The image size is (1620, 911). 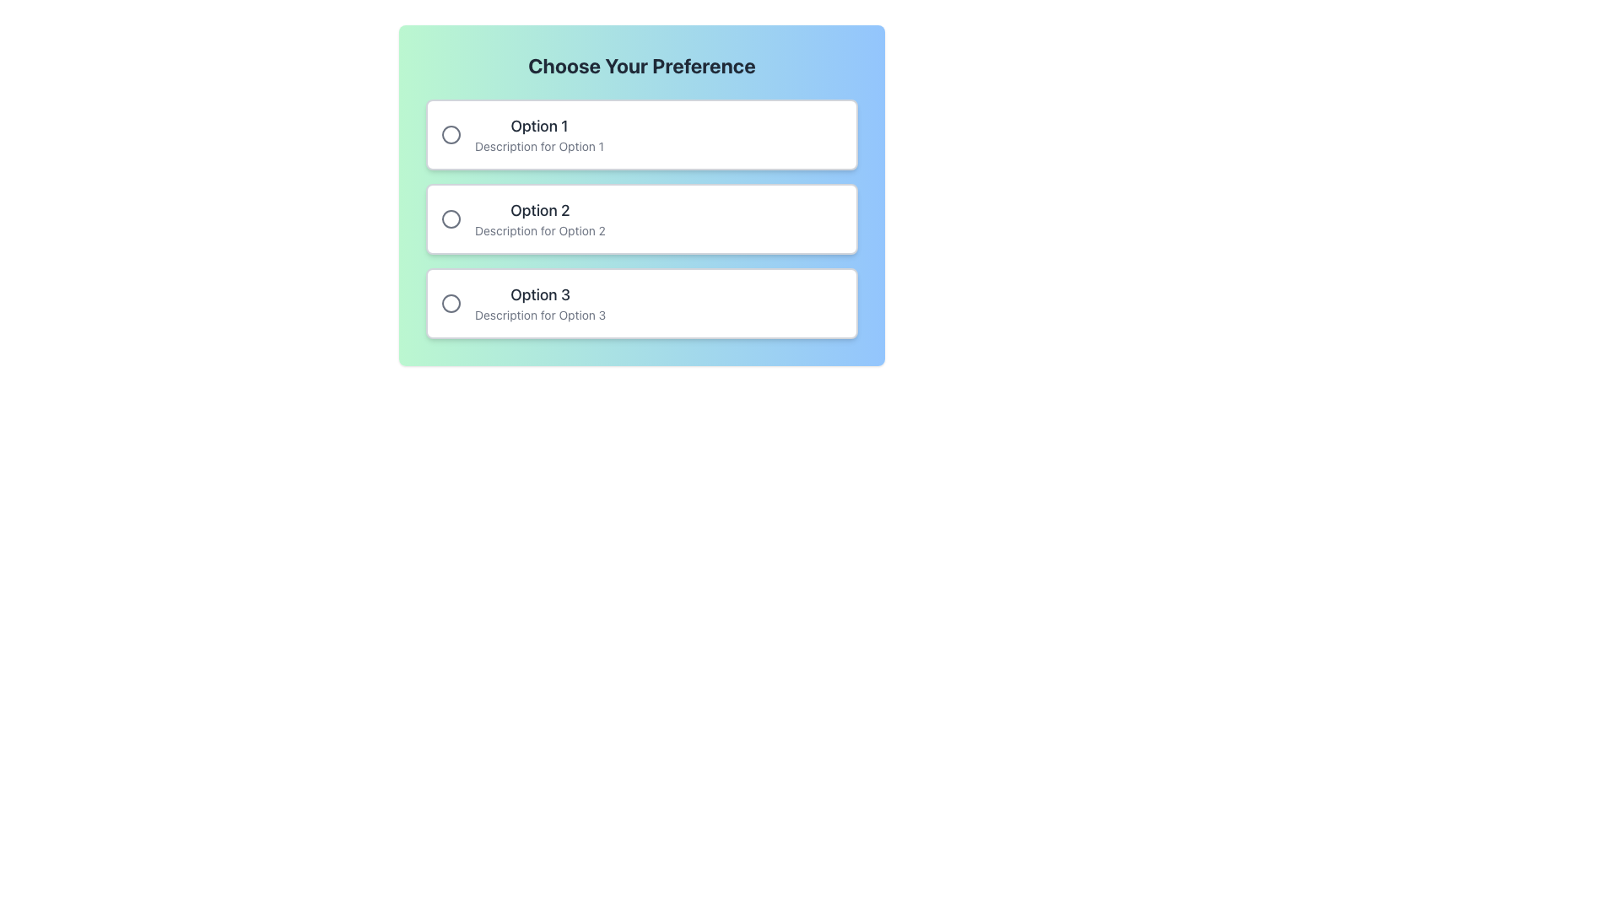 I want to click on the circular icon located within the second option of the 'Choose Your Preference' selection list, which is styled with a thin stroke and has a minimal design, so click(x=451, y=218).